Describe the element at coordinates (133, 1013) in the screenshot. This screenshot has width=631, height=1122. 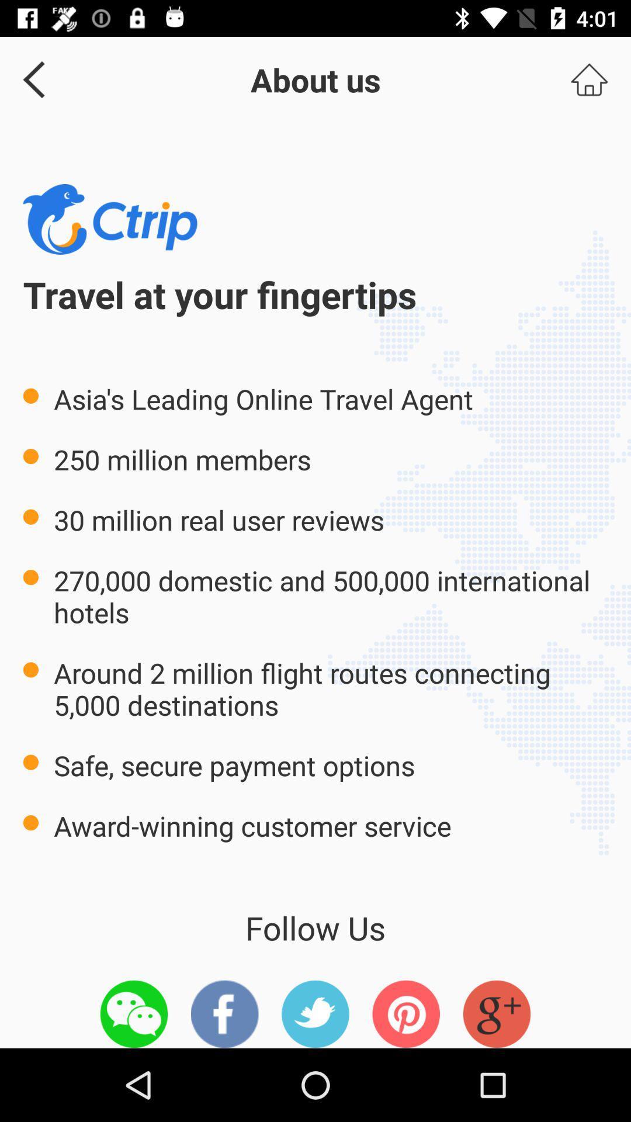
I see `icon below the award winning customer icon` at that location.